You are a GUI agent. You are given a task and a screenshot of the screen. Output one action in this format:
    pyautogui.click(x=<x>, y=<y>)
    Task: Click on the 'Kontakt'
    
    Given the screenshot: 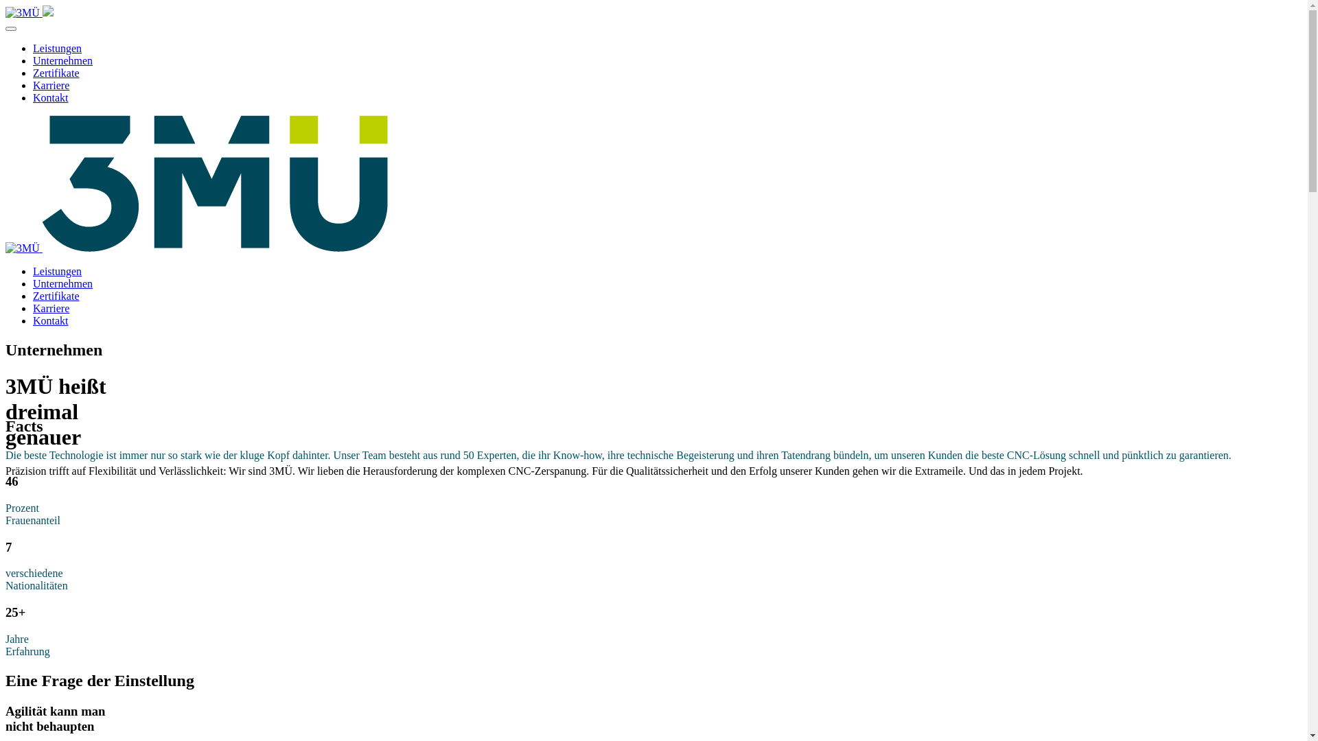 What is the action you would take?
    pyautogui.click(x=50, y=97)
    